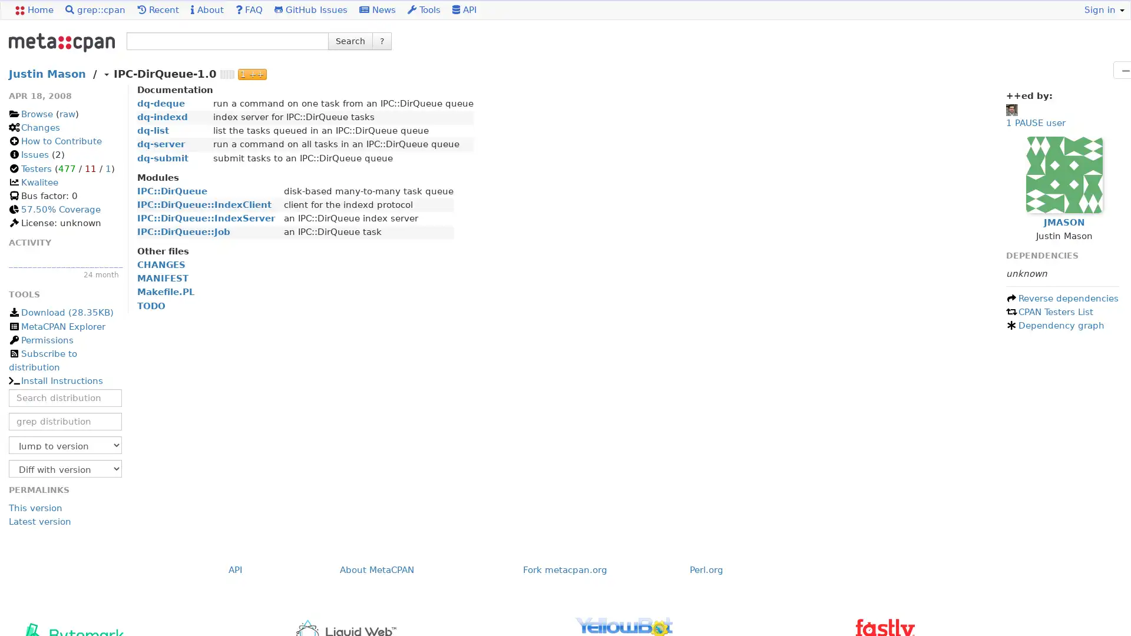 The height and width of the screenshot is (636, 1131). Describe the element at coordinates (382, 40) in the screenshot. I see `?` at that location.